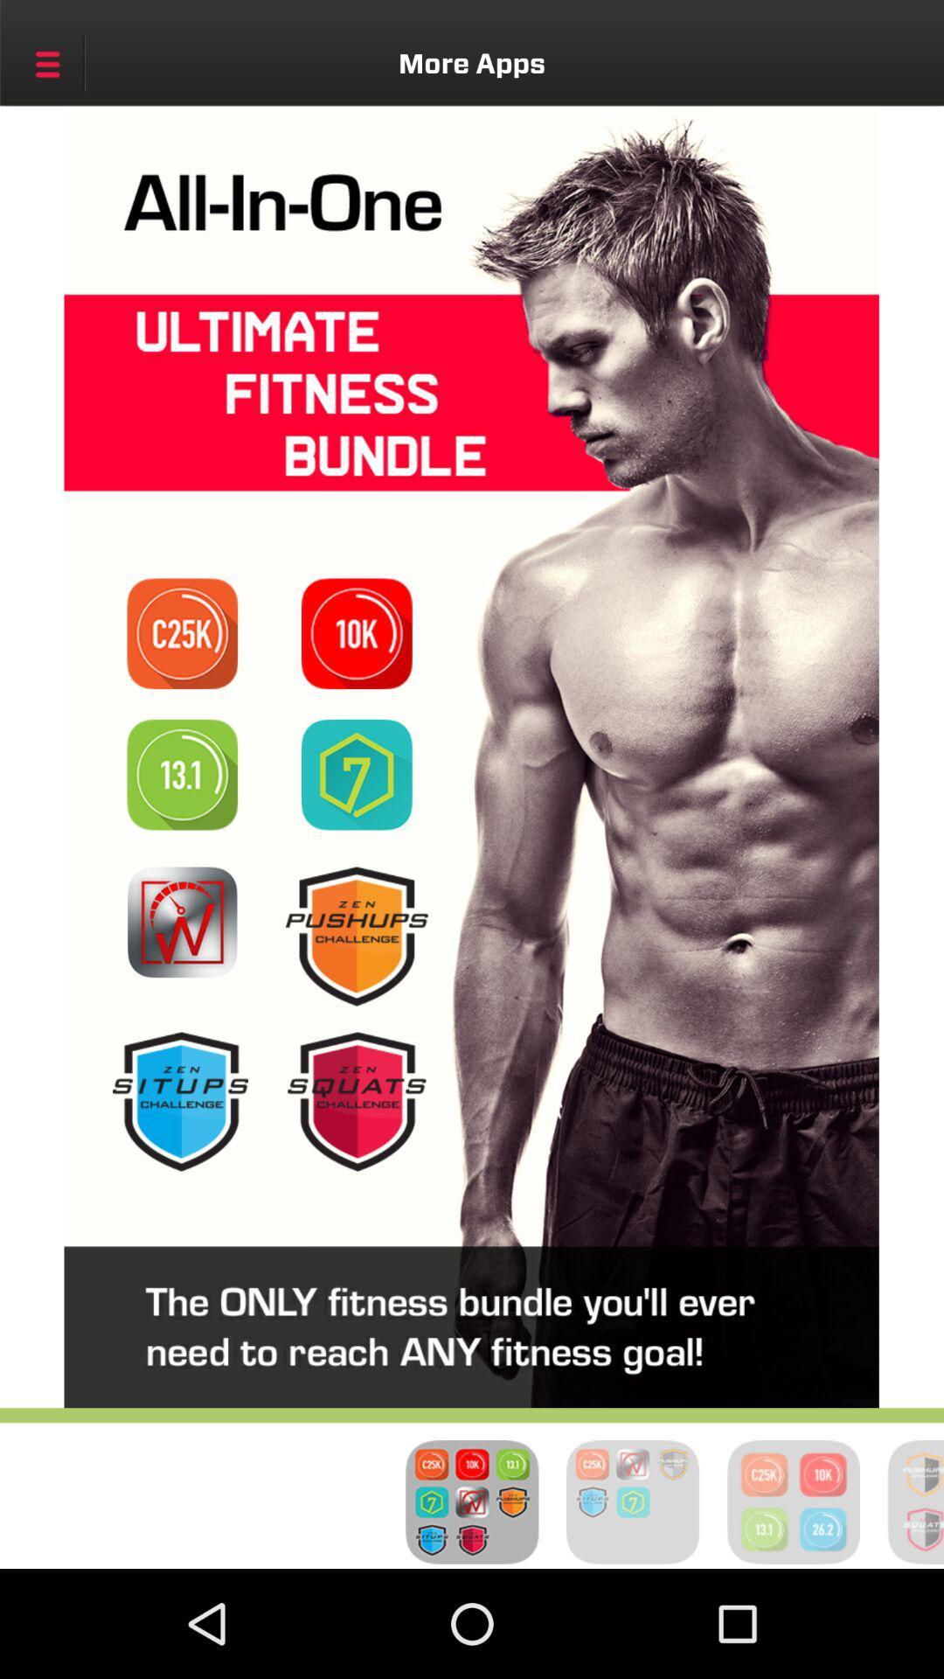 This screenshot has height=1679, width=944. What do you see at coordinates (46, 64) in the screenshot?
I see `the icon next to the more apps` at bounding box center [46, 64].